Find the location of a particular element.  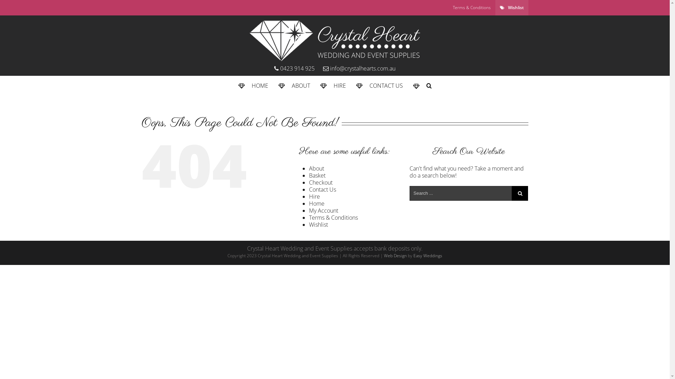

'About' is located at coordinates (316, 168).